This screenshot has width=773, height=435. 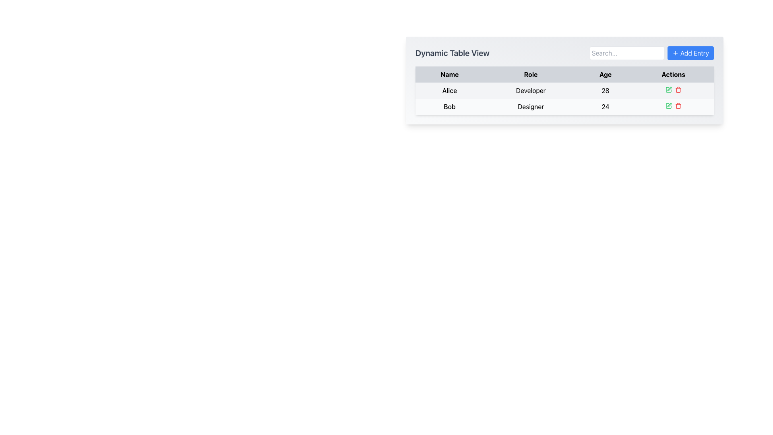 What do you see at coordinates (673, 75) in the screenshot?
I see `the fourth column header cell of the table, which indicates functionalities or operations for each data entry` at bounding box center [673, 75].